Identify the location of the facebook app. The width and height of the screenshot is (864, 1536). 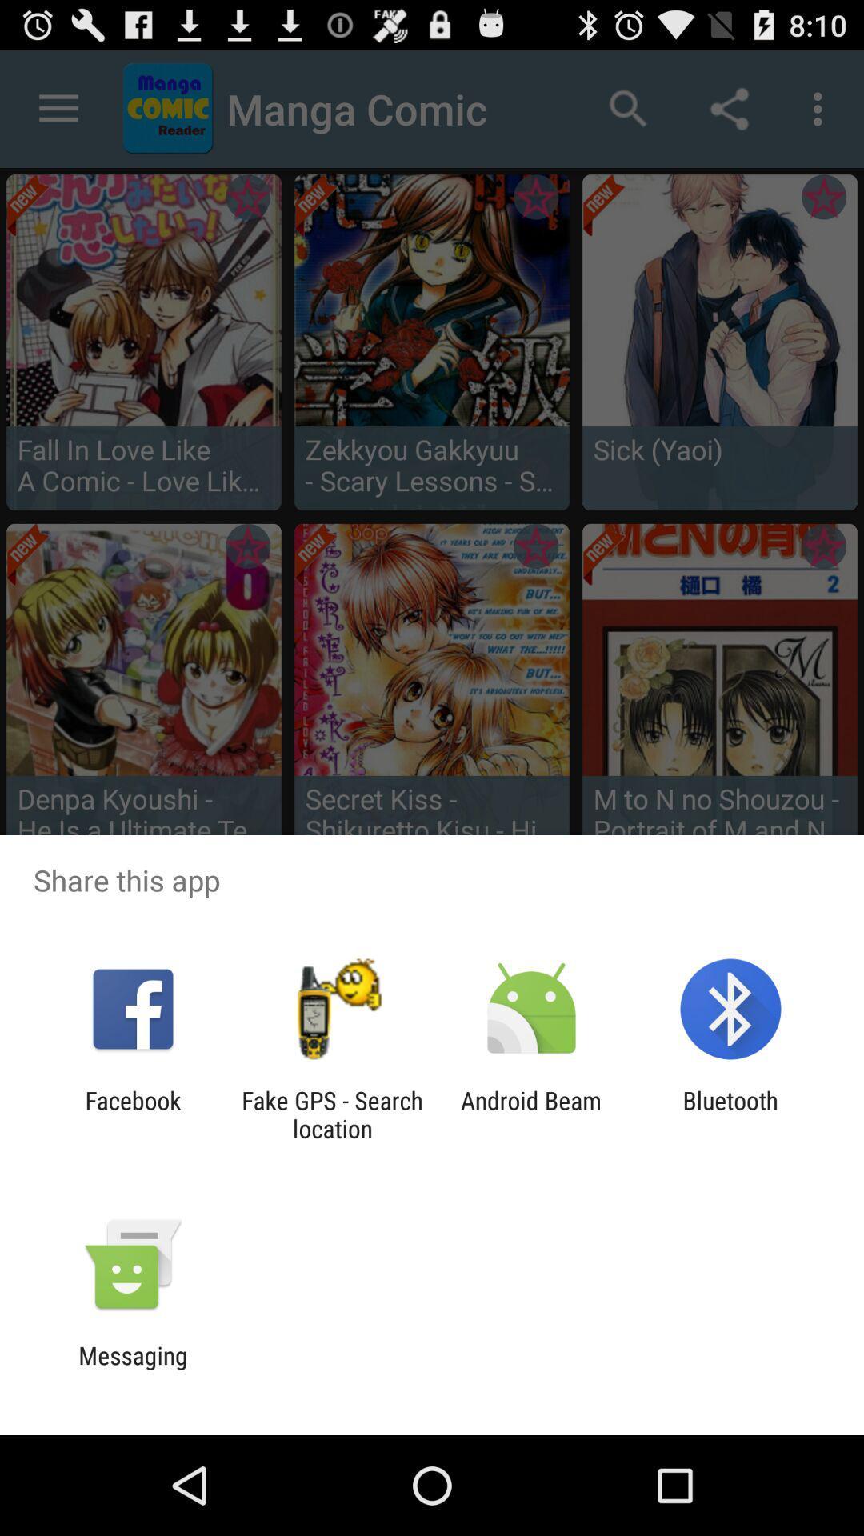
(132, 1114).